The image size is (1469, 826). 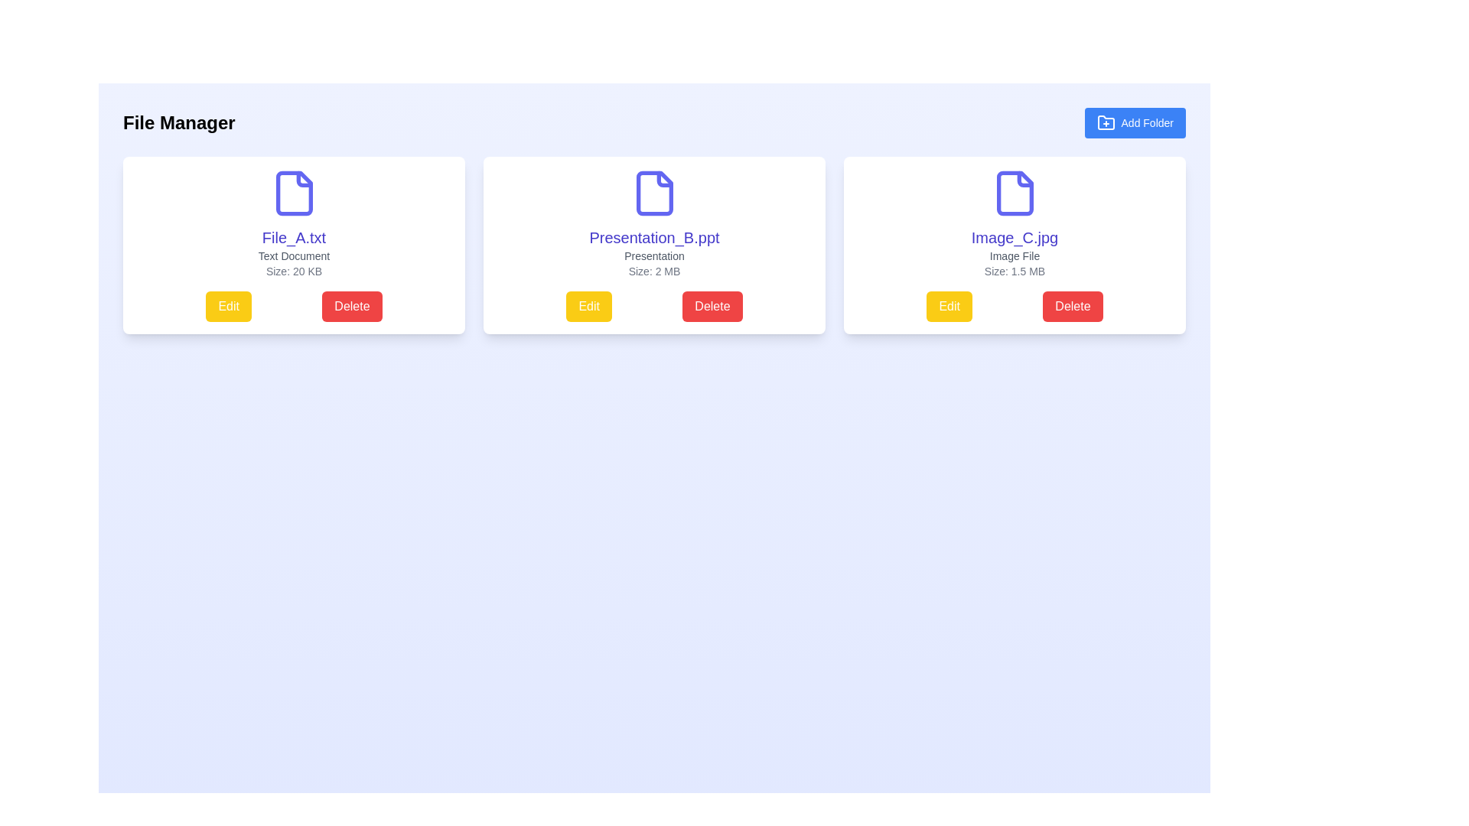 I want to click on the text label that reads 'Presentation_B.ppt', so click(x=654, y=238).